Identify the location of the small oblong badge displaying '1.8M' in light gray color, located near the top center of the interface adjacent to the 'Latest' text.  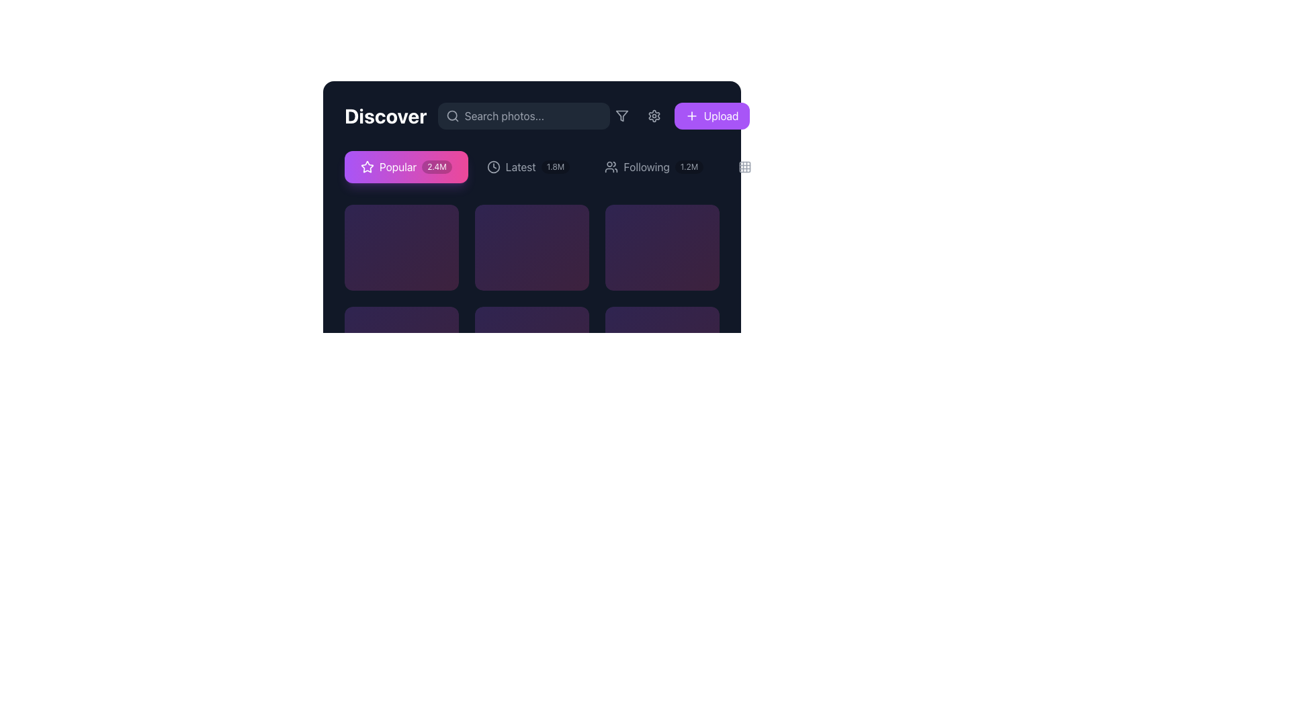
(556, 166).